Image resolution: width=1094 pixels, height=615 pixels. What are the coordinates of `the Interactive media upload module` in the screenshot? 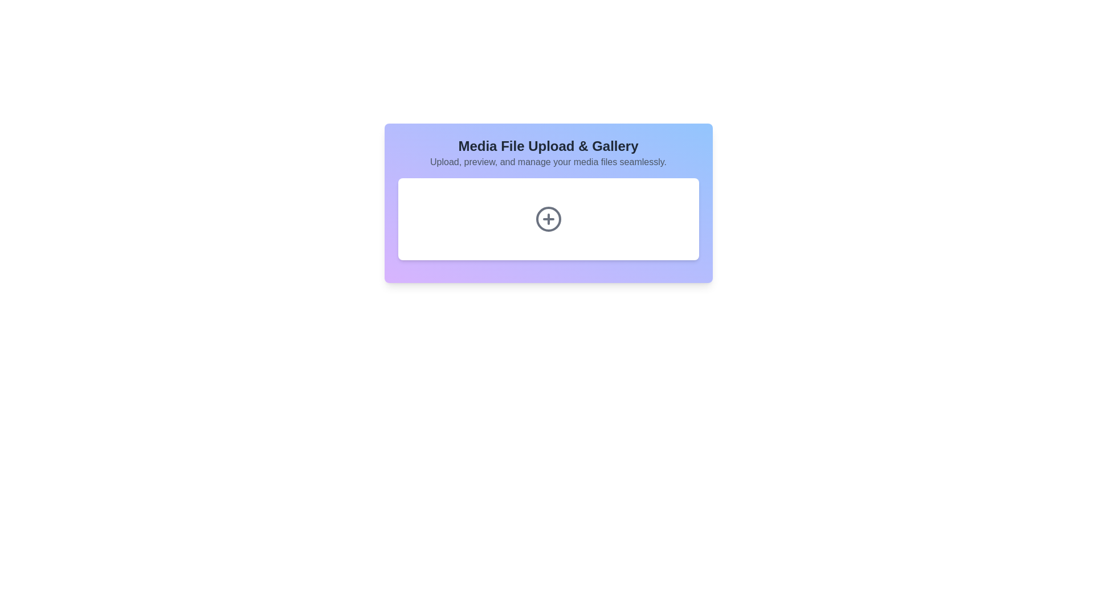 It's located at (548, 203).